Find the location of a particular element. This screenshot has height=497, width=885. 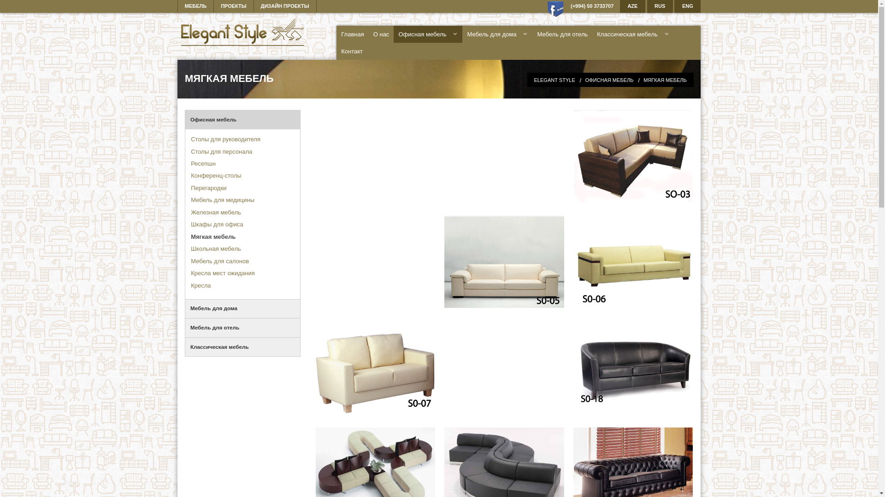

'RUS' is located at coordinates (659, 6).